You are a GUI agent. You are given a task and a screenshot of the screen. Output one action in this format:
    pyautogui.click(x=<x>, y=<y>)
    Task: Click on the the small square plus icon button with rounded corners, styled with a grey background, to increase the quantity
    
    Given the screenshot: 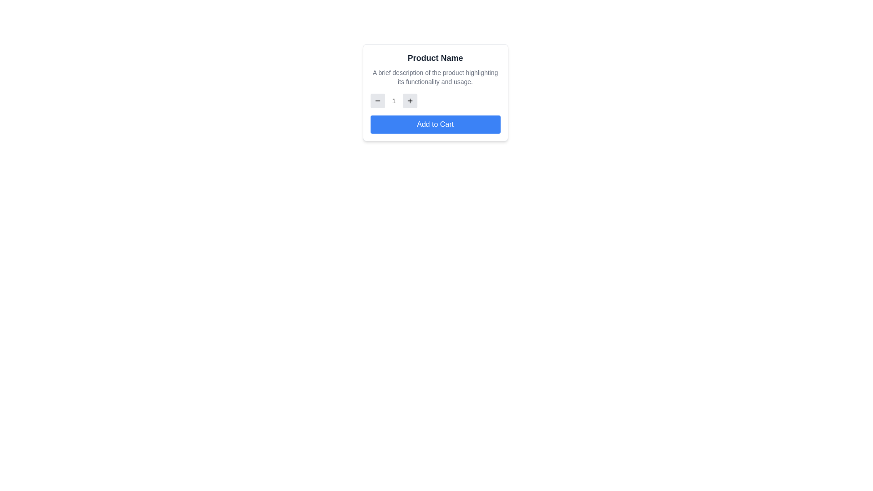 What is the action you would take?
    pyautogui.click(x=410, y=101)
    